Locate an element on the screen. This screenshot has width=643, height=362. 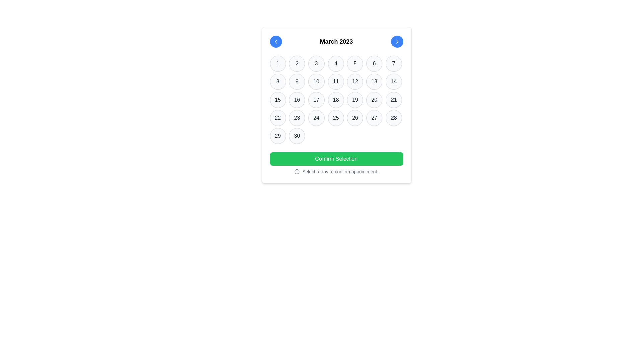
the circular visual element that is part of the icon, located below the warning text 'Select a day to confirm appointment' is located at coordinates (296, 171).